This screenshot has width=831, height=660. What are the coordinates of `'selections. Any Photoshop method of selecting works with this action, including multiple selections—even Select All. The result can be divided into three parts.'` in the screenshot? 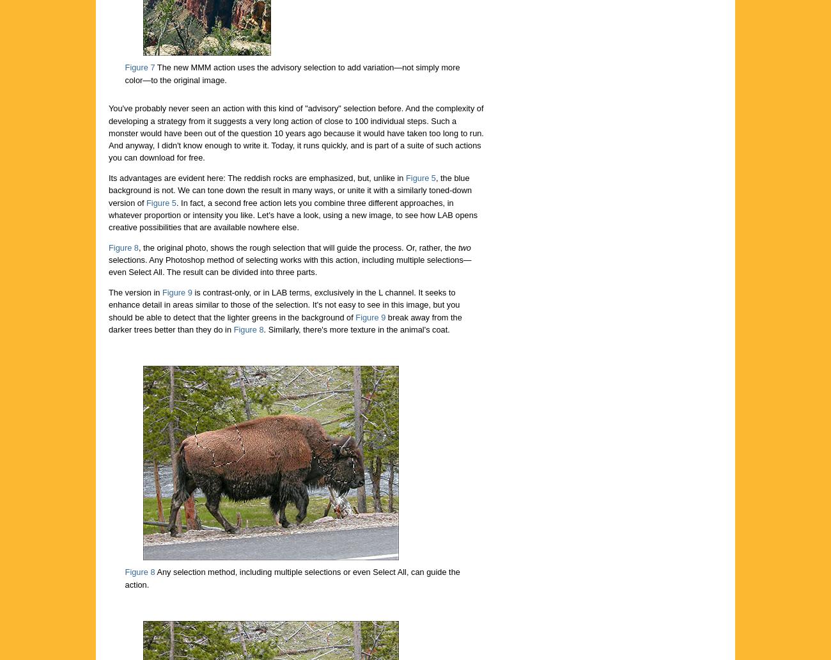 It's located at (289, 265).